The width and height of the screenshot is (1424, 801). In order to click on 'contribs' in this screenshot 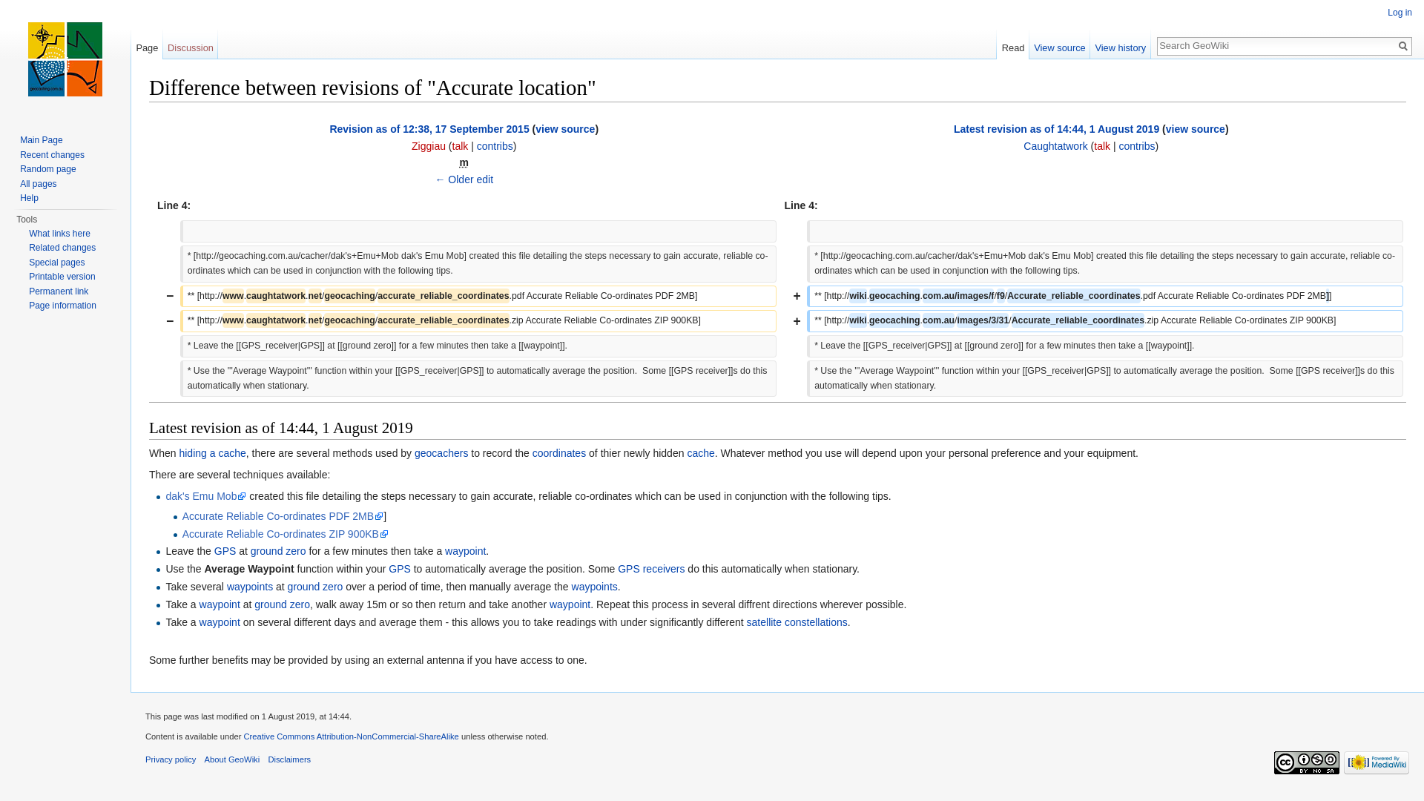, I will do `click(495, 145)`.